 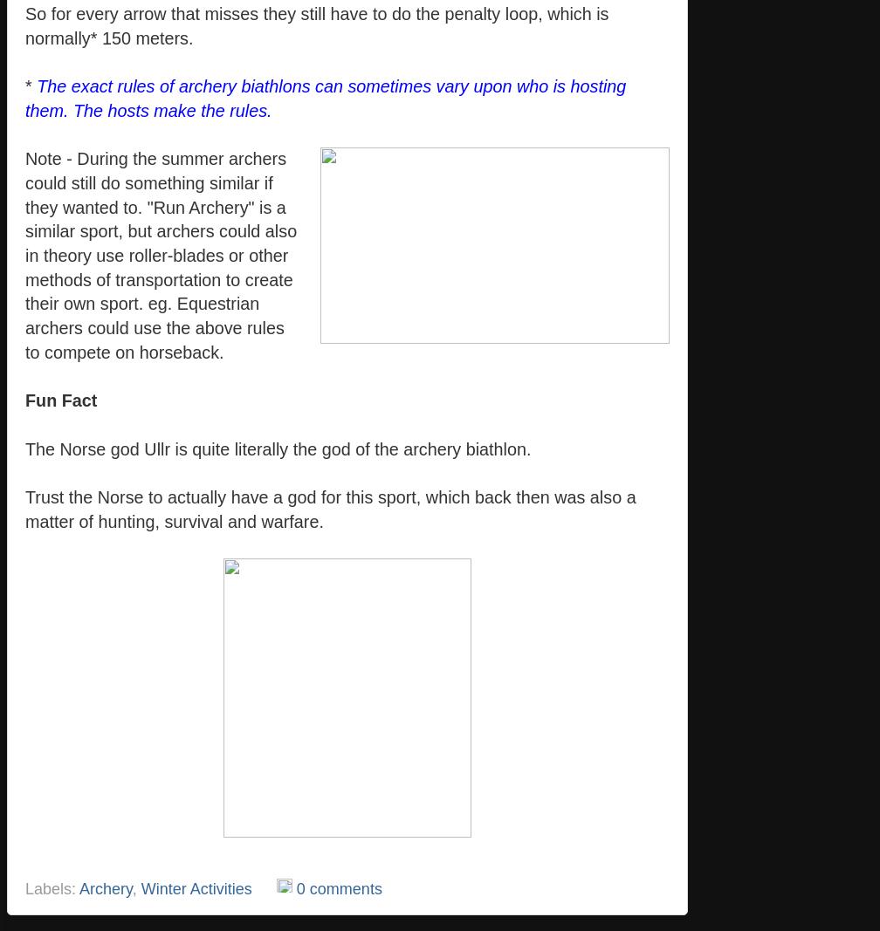 What do you see at coordinates (196, 888) in the screenshot?
I see `'Winter Activities'` at bounding box center [196, 888].